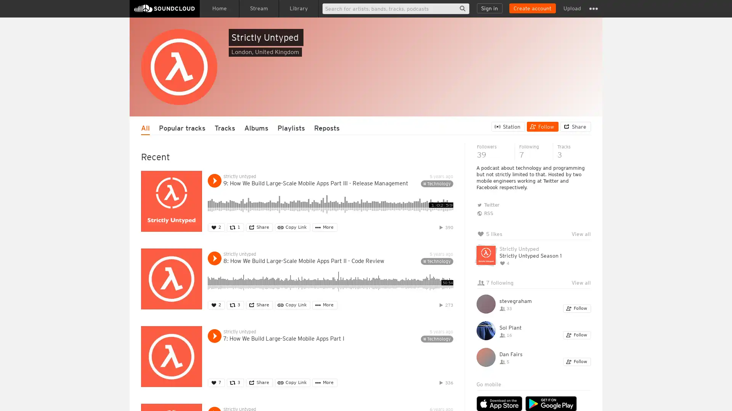 The height and width of the screenshot is (411, 732). What do you see at coordinates (586, 208) in the screenshot?
I see `Hide queue` at bounding box center [586, 208].